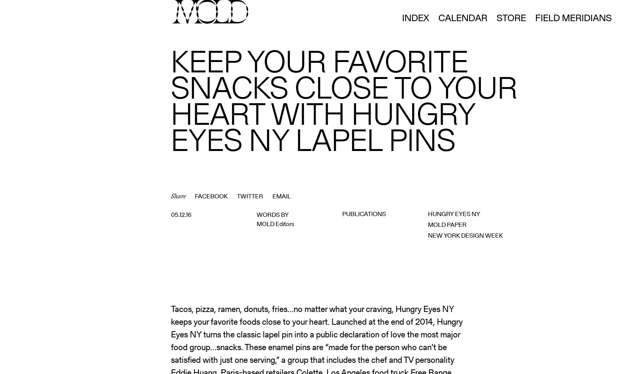  What do you see at coordinates (275, 224) in the screenshot?
I see `'MOLD Editors'` at bounding box center [275, 224].